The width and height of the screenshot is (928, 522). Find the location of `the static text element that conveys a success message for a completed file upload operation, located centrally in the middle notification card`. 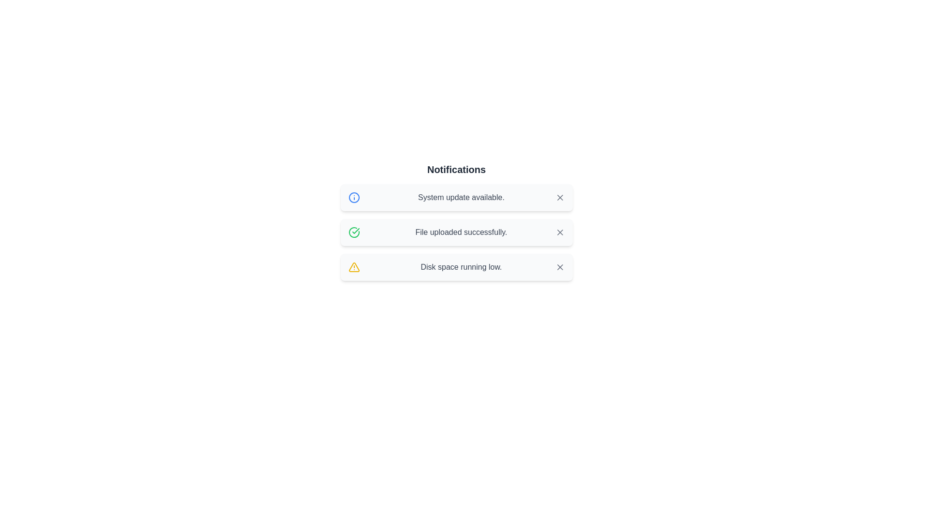

the static text element that conveys a success message for a completed file upload operation, located centrally in the middle notification card is located at coordinates (461, 232).